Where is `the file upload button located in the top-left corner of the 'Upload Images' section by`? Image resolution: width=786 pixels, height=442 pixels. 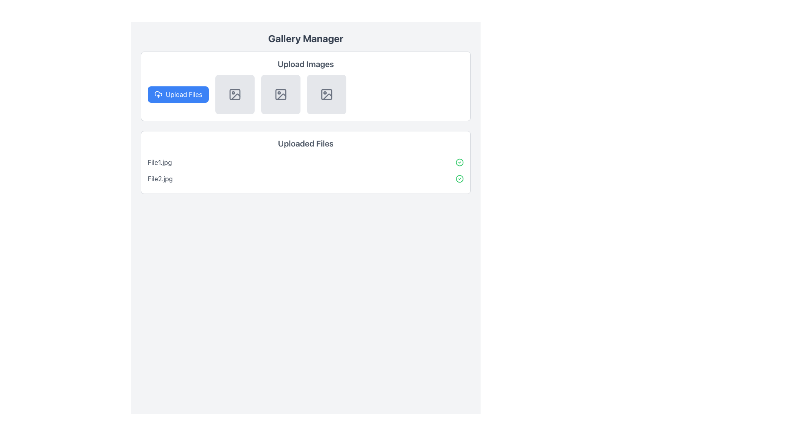 the file upload button located in the top-left corner of the 'Upload Images' section by is located at coordinates (178, 94).